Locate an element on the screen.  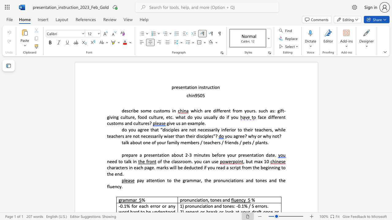
the subset text "ple" within the text "give us an example." is located at coordinates (198, 123).